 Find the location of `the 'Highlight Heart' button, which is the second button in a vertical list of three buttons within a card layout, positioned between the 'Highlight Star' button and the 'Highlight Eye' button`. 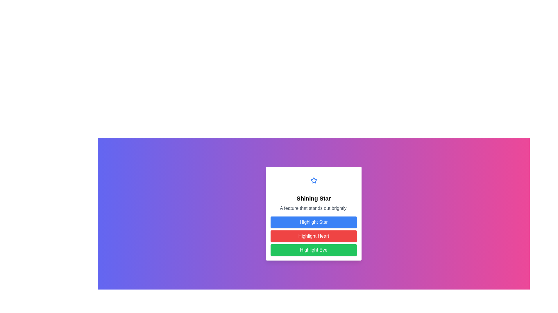

the 'Highlight Heart' button, which is the second button in a vertical list of three buttons within a card layout, positioned between the 'Highlight Star' button and the 'Highlight Eye' button is located at coordinates (313, 236).